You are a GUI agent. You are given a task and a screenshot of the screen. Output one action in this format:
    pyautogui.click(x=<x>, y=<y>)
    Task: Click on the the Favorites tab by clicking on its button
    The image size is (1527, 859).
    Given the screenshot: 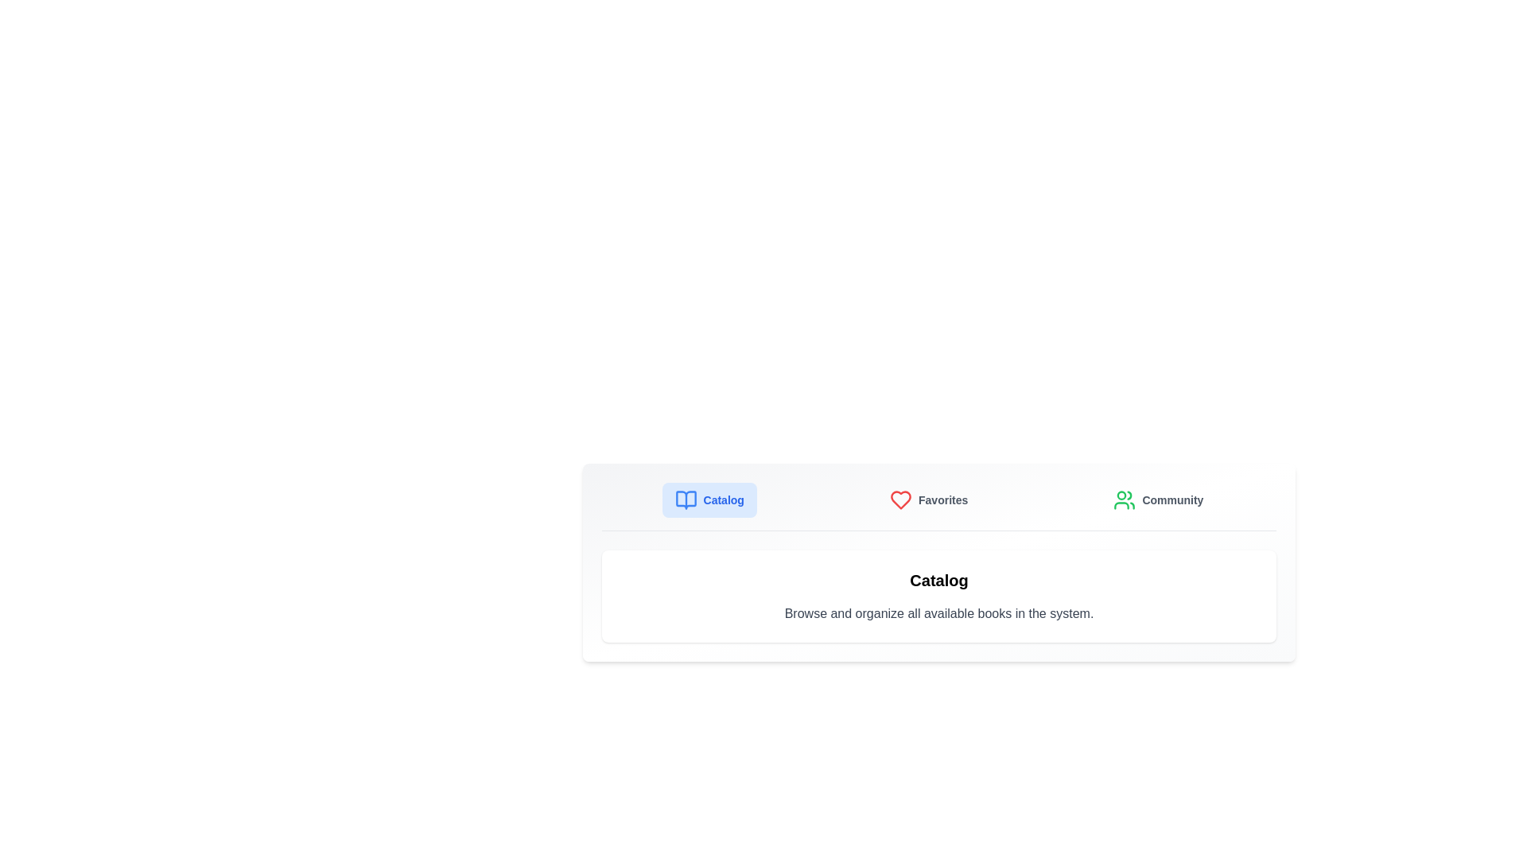 What is the action you would take?
    pyautogui.click(x=928, y=499)
    